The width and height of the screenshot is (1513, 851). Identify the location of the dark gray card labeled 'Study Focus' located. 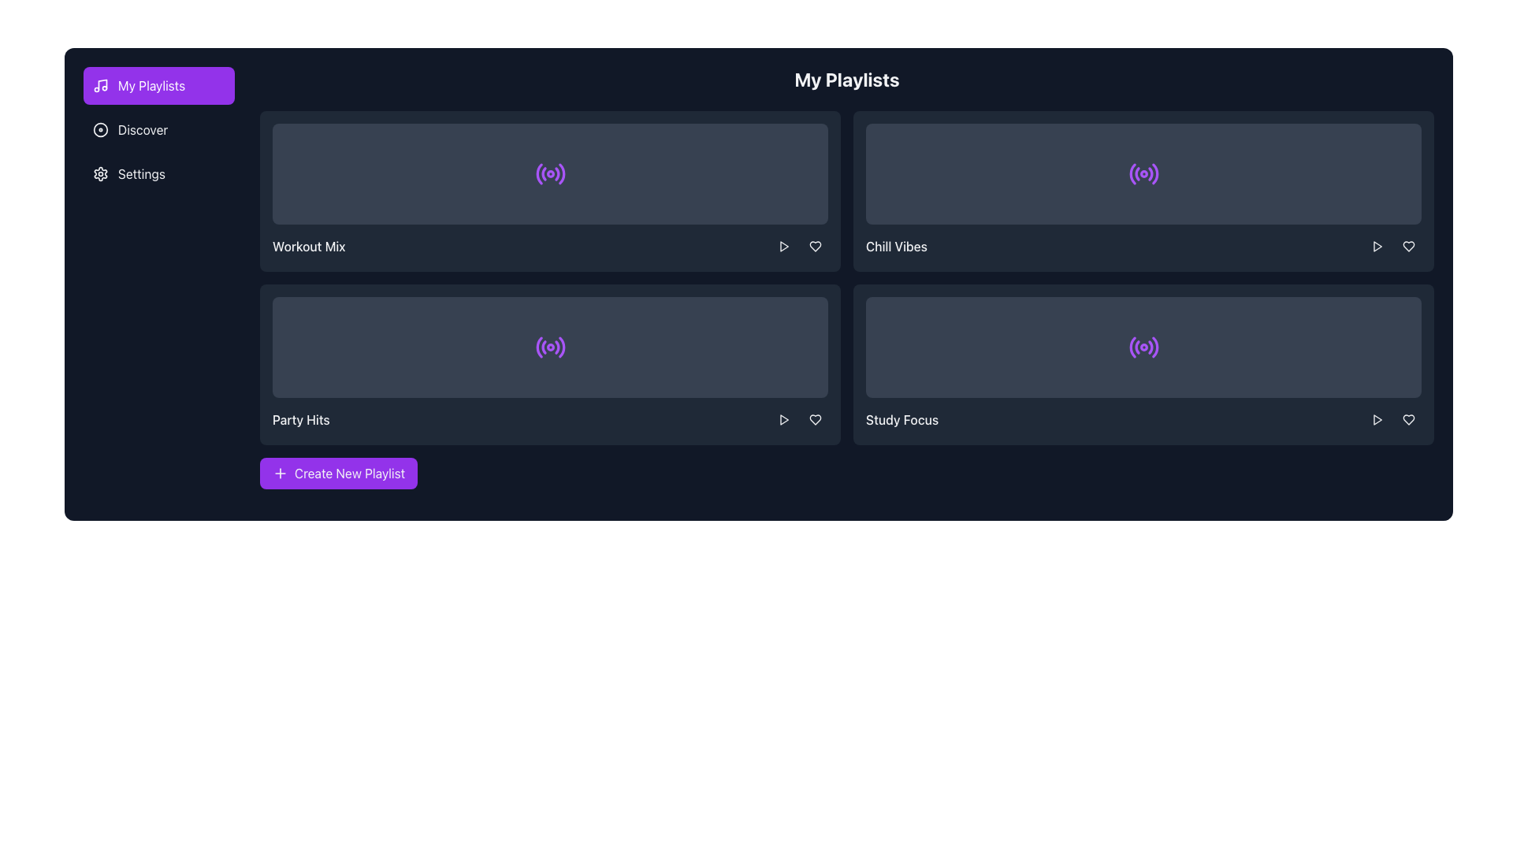
(1143, 364).